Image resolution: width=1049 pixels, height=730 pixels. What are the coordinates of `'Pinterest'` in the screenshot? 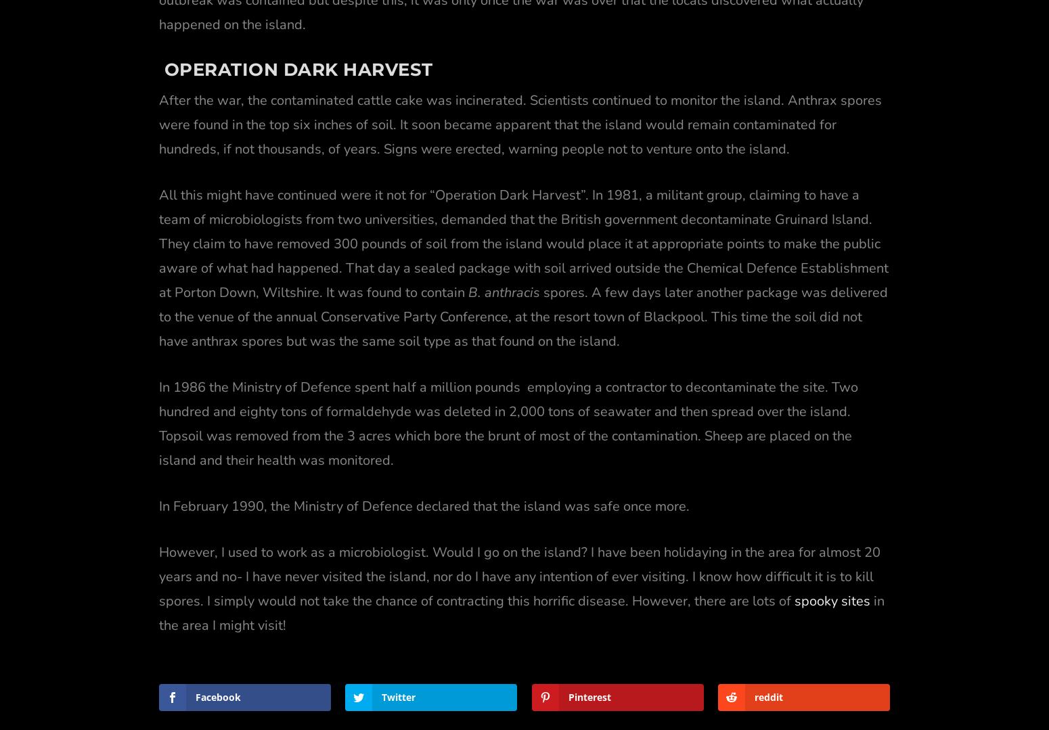 It's located at (589, 664).